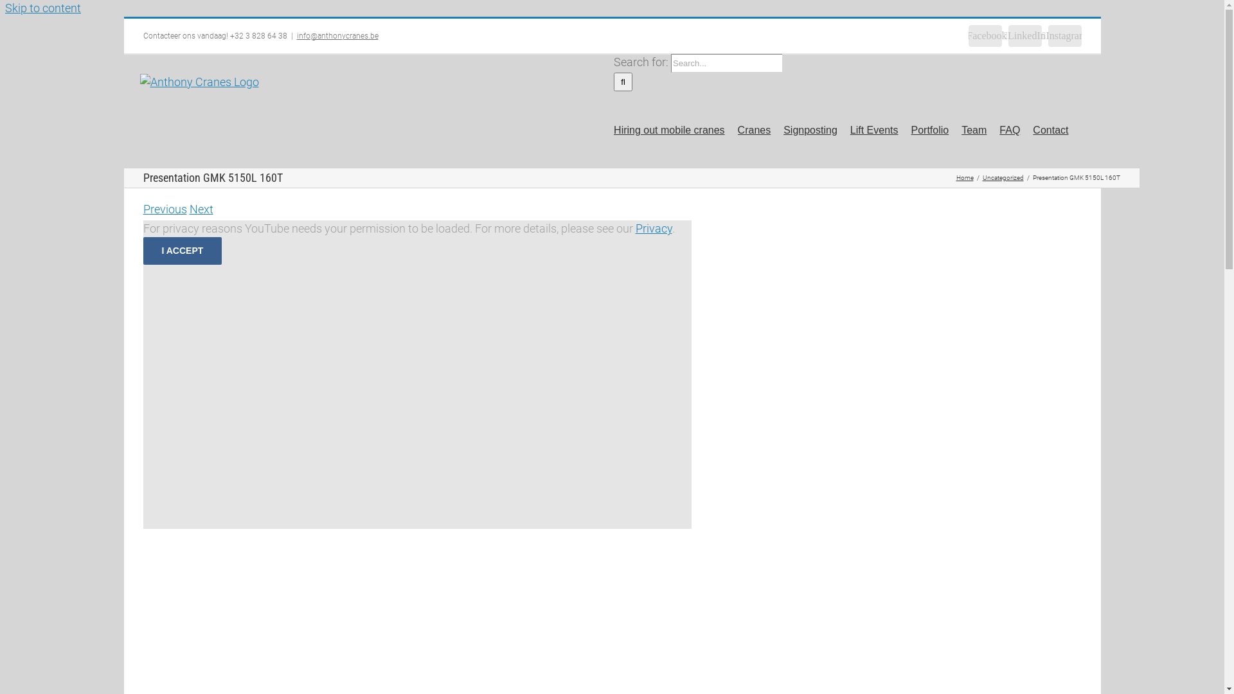 The width and height of the screenshot is (1234, 694). Describe the element at coordinates (965, 177) in the screenshot. I see `'Home'` at that location.